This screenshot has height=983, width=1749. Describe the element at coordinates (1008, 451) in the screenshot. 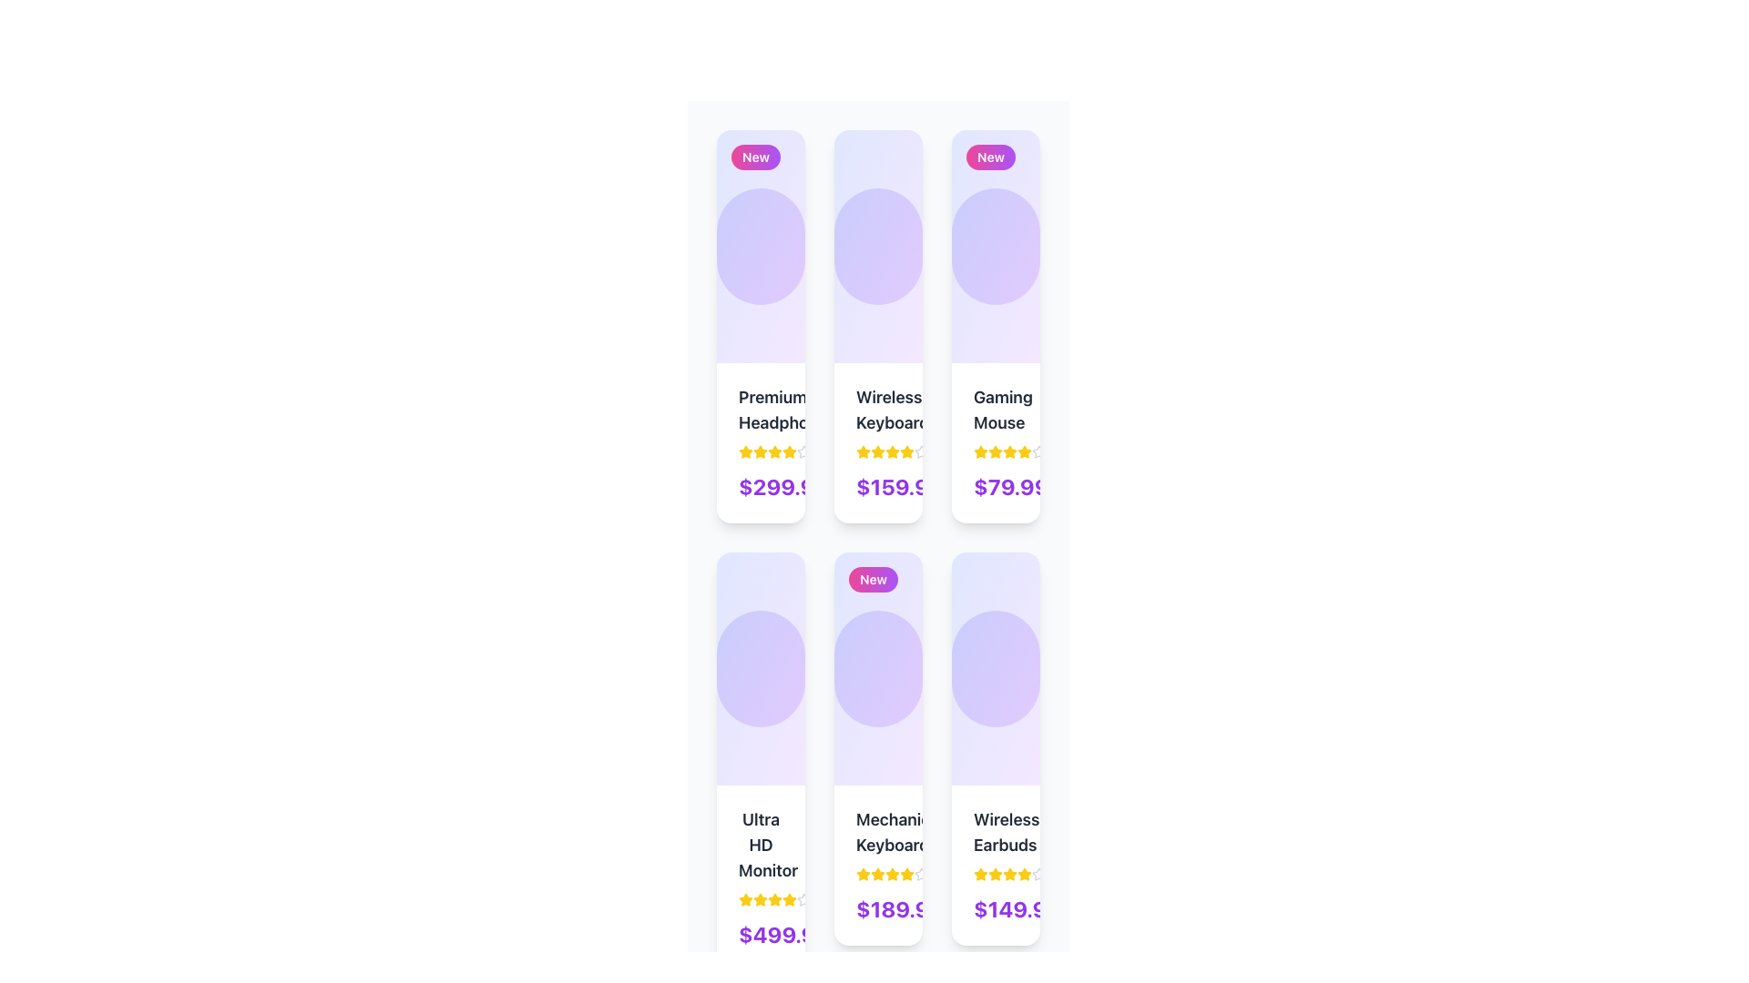

I see `the fourth star icon representing a product's rating in the third card of the first row` at that location.